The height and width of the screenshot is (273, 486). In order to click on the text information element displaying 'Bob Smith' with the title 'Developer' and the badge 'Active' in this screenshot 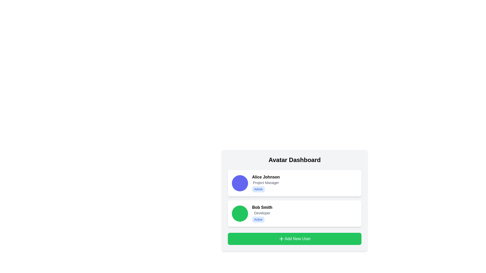, I will do `click(262, 213)`.